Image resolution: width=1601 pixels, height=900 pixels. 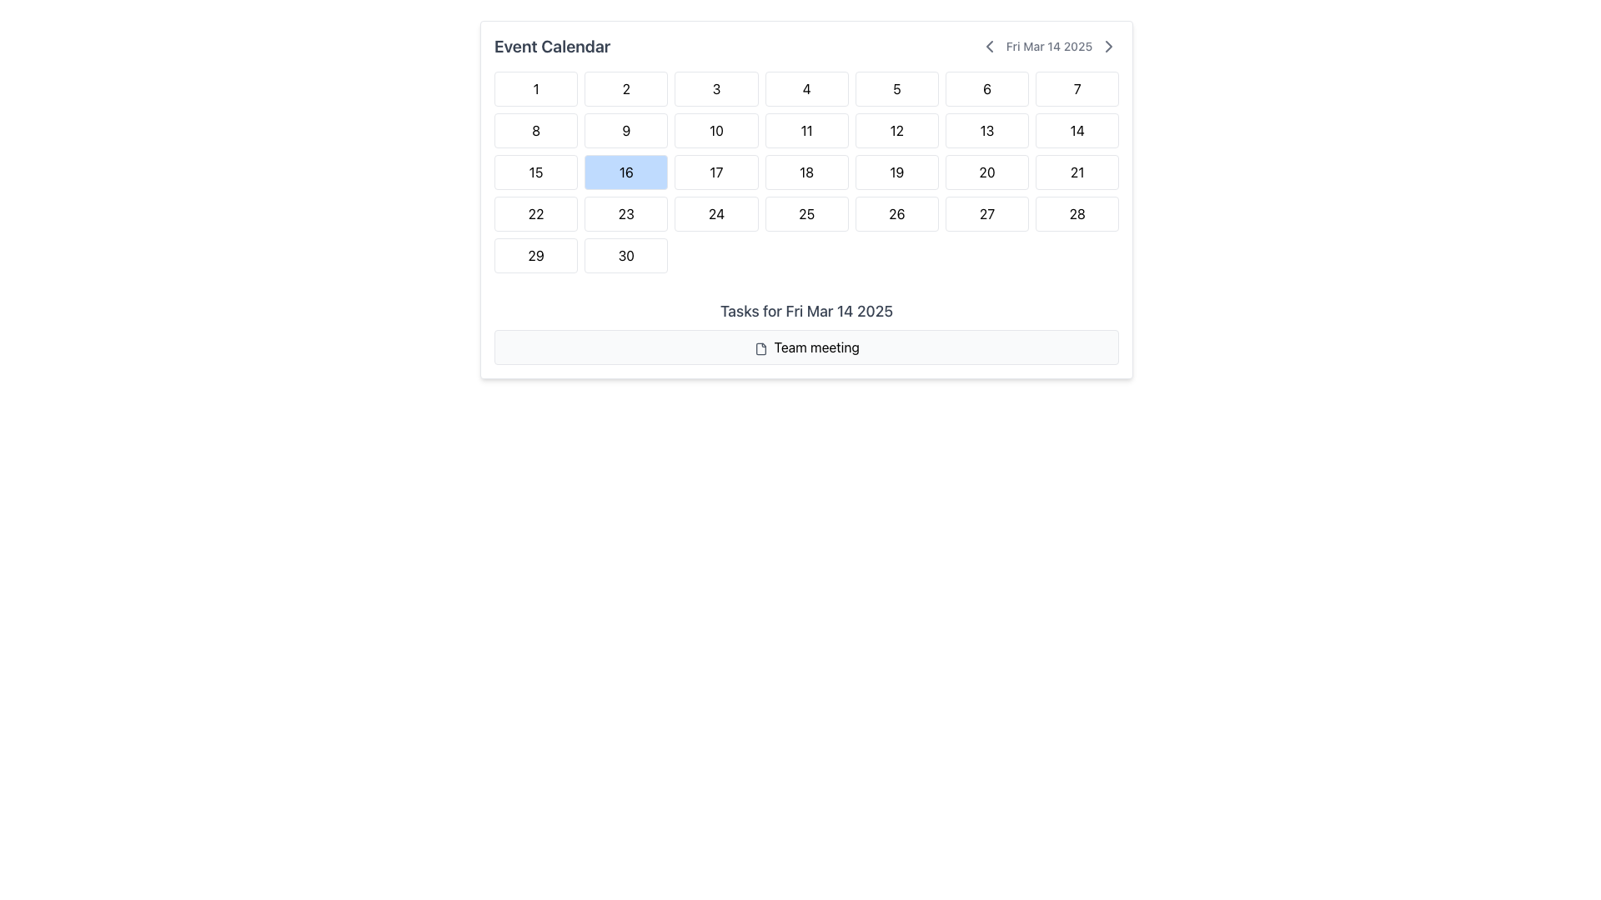 I want to click on the selectable date cell representing the 15th day of the month in the calendar, so click(x=536, y=172).